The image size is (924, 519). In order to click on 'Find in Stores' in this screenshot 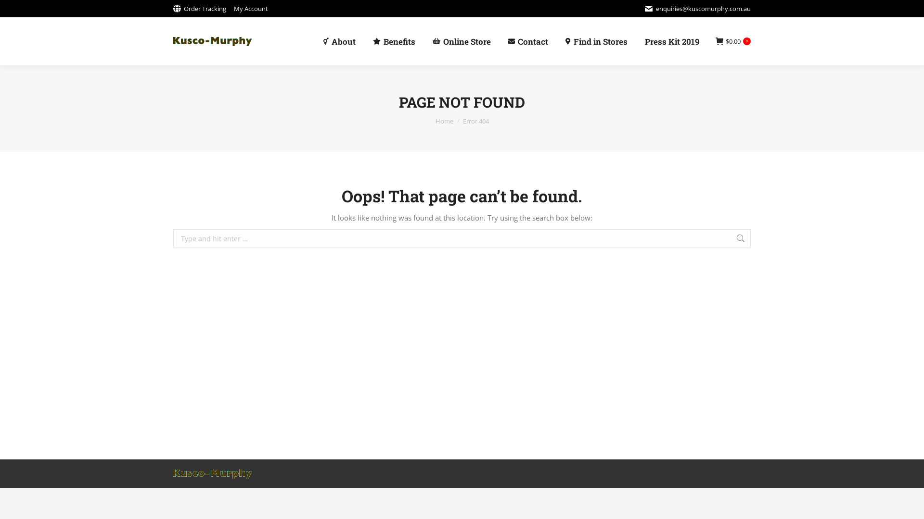, I will do `click(596, 40)`.